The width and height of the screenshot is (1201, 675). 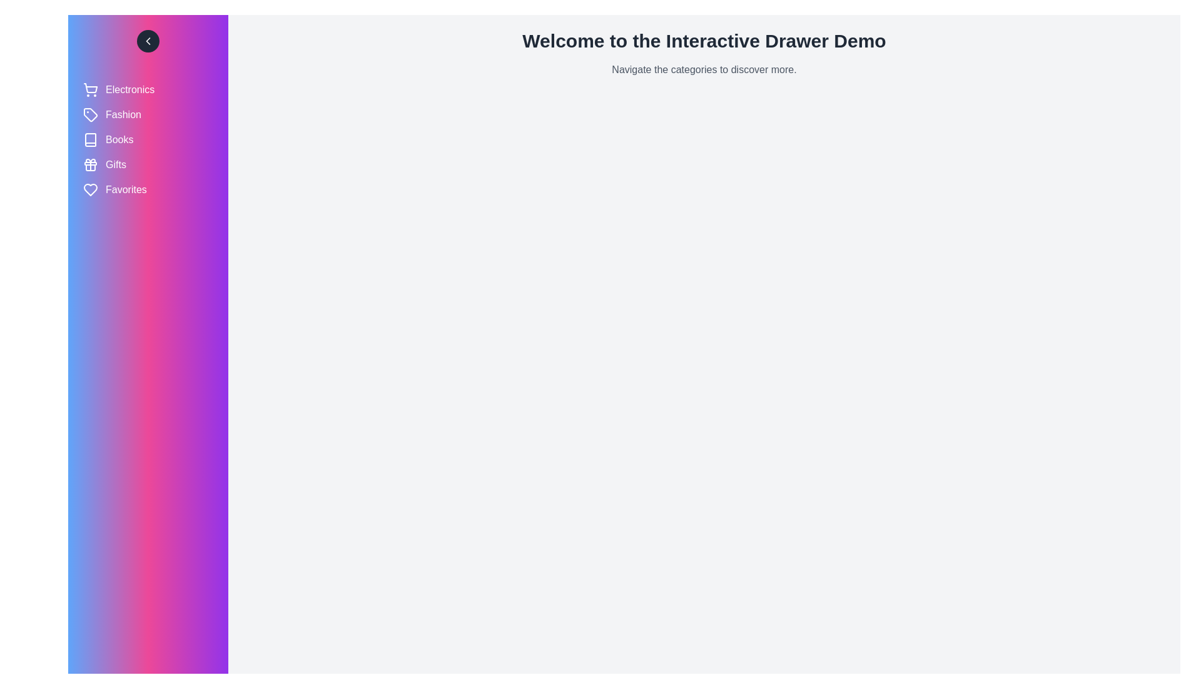 What do you see at coordinates (148, 164) in the screenshot?
I see `the category Gifts to observe its hover effect` at bounding box center [148, 164].